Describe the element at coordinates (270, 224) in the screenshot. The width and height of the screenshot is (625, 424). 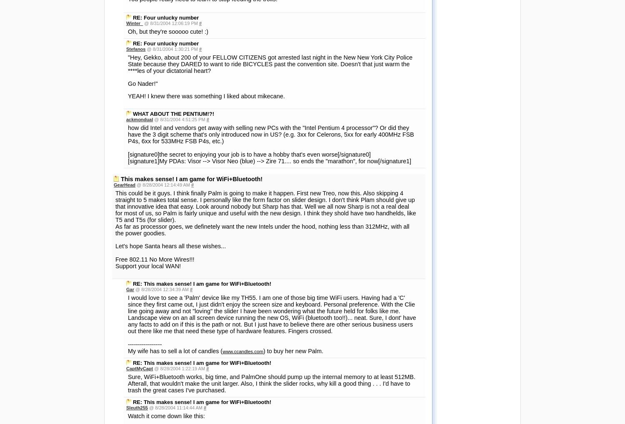
I see `'Watch for the T5/WiFi card bundle that gets priced about the same as the iPAQ 4155 allowing the T5 sans WiFi to get priced much more agressively.  P1 won't have the margin overhead on circuitry/licensing fees (from Sychip who makes all the WiFi chips installed in PDAs) built into every T5 it makes just to support the users who can't live without WiFi.'` at that location.